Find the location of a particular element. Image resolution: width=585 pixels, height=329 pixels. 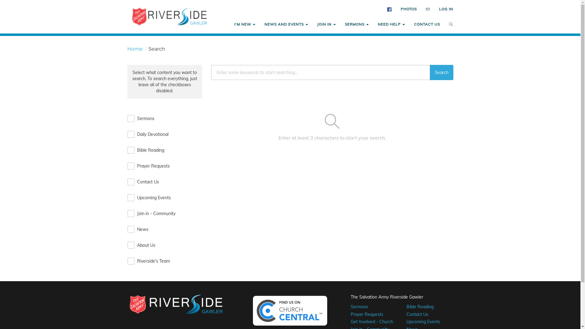

'Upcoming Events' is located at coordinates (423, 321).